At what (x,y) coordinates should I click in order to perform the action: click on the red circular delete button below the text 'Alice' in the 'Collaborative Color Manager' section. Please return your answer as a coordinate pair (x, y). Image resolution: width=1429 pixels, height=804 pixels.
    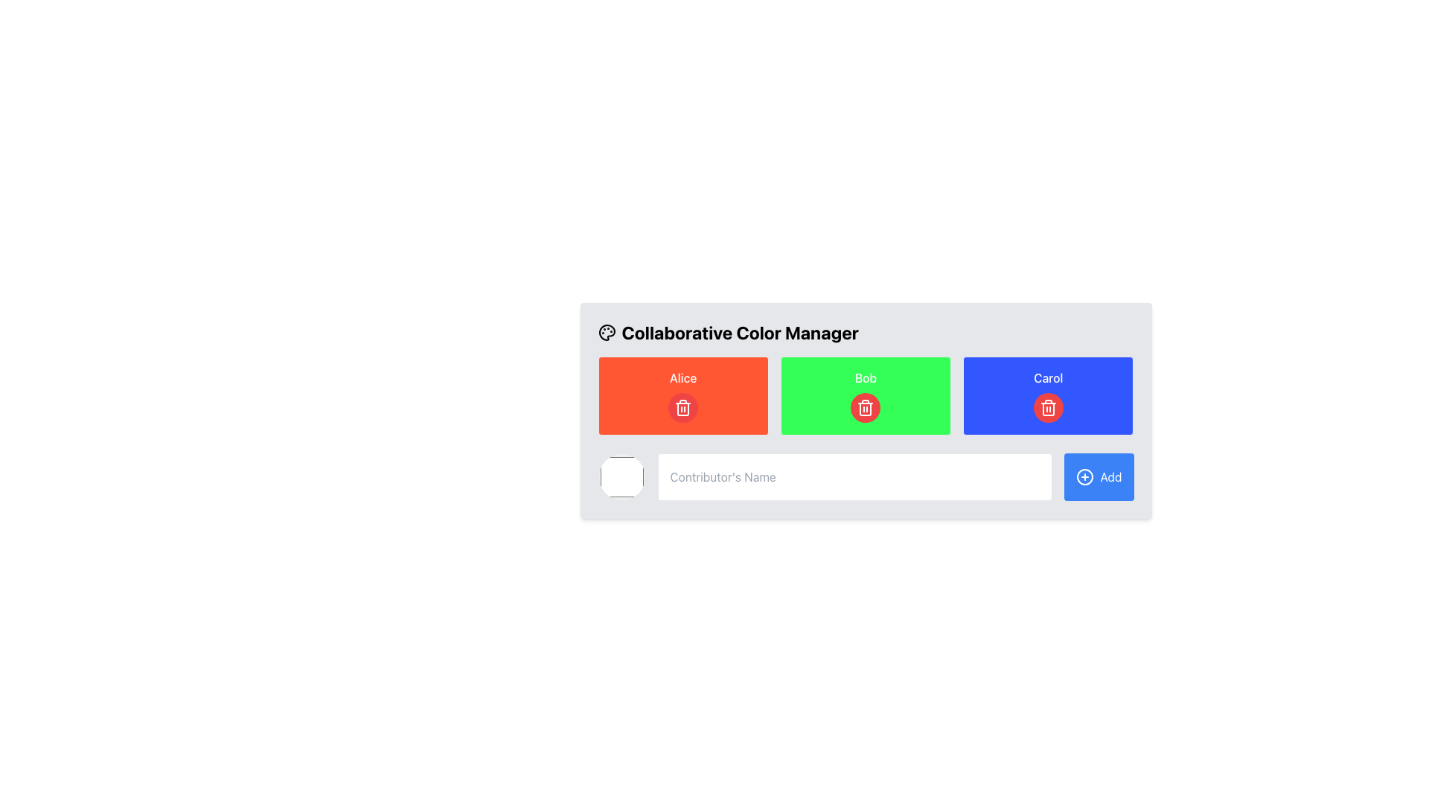
    Looking at the image, I should click on (682, 407).